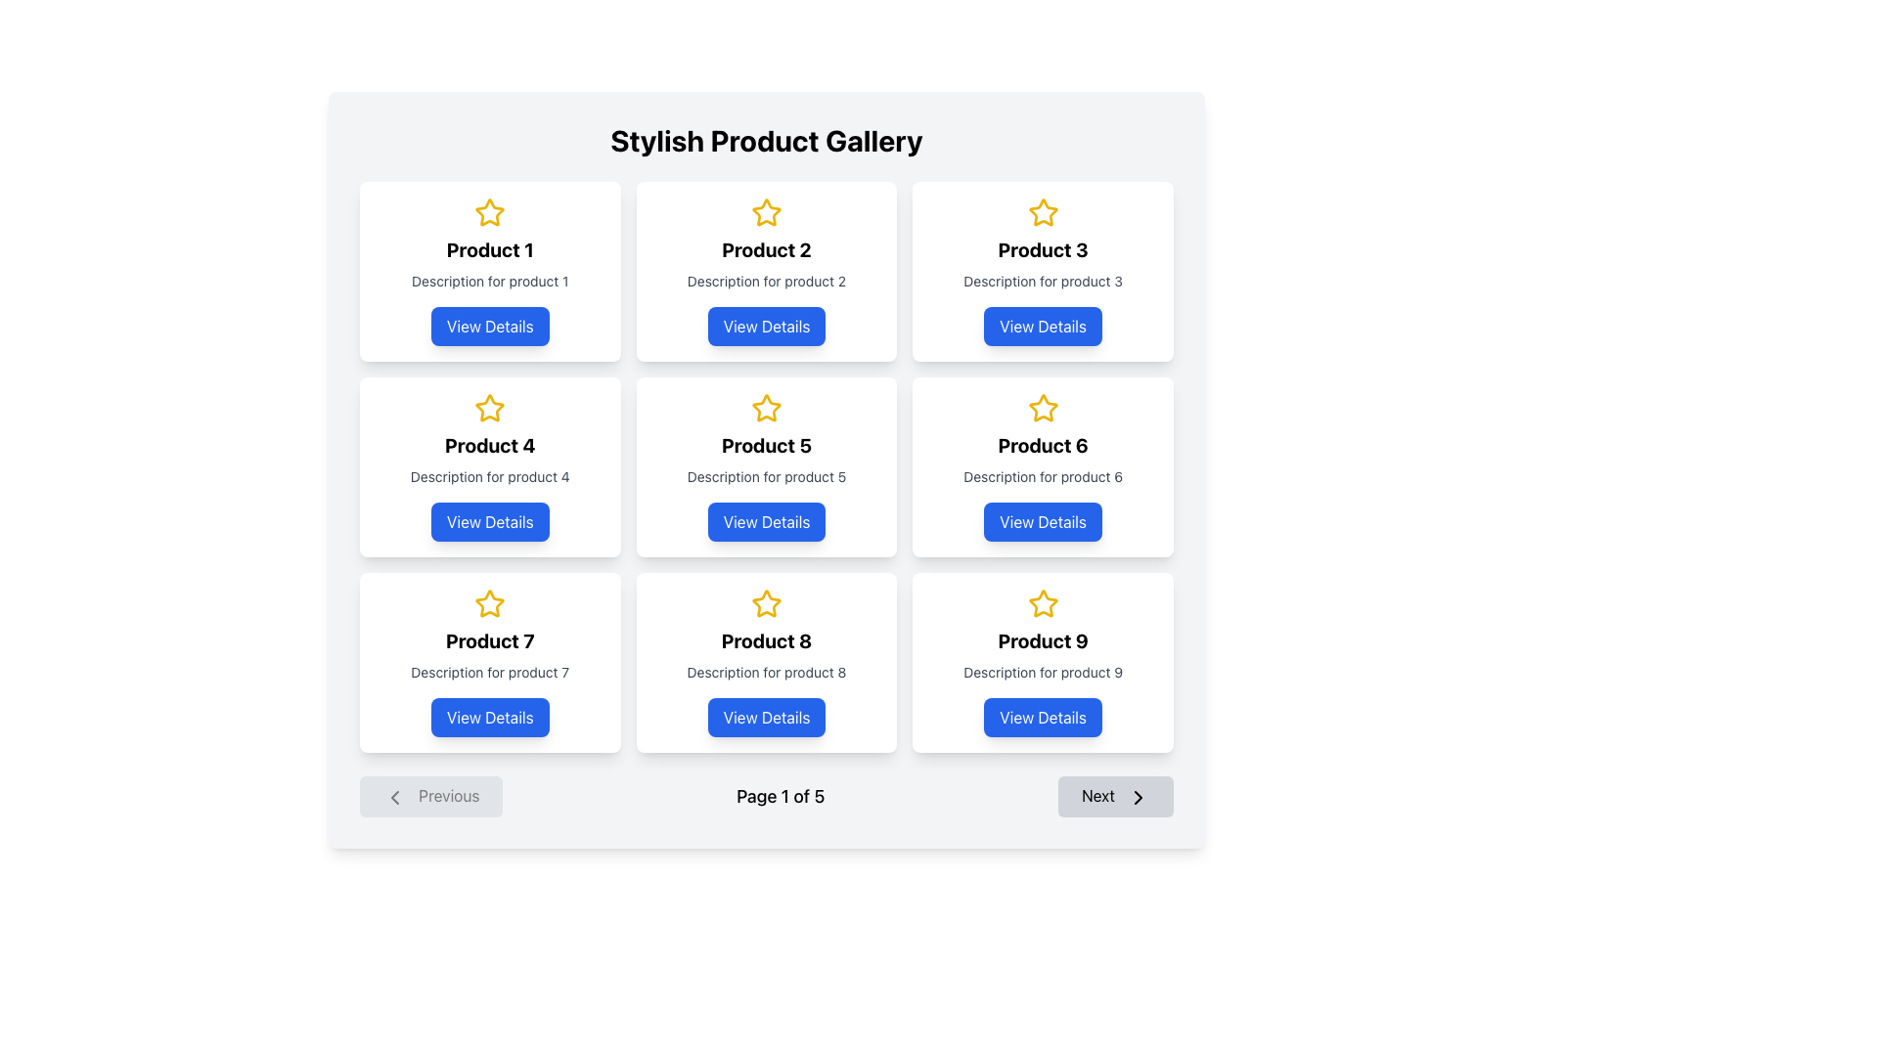 The height and width of the screenshot is (1056, 1878). Describe the element at coordinates (1042, 602) in the screenshot. I see `the rating or bookmark icon located at the top of the card labeled 'Product 9', positioned at the center of the first row above the product title and description` at that location.